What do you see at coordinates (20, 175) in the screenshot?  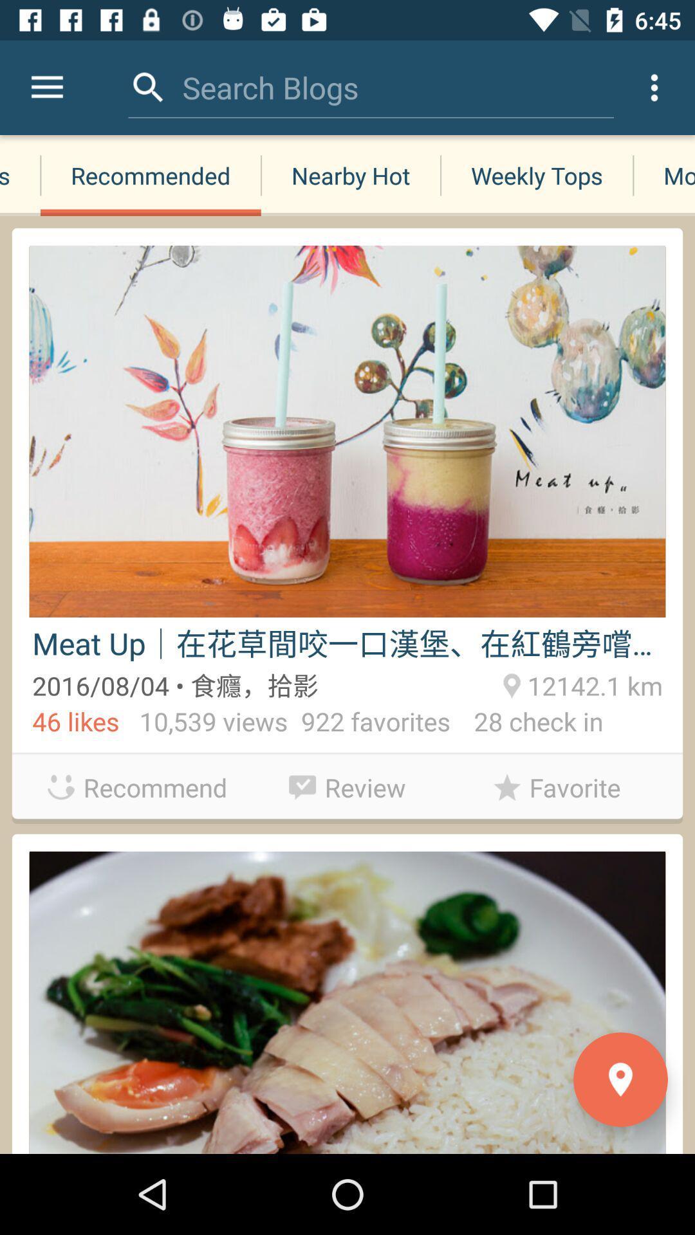 I see `new blogs item` at bounding box center [20, 175].